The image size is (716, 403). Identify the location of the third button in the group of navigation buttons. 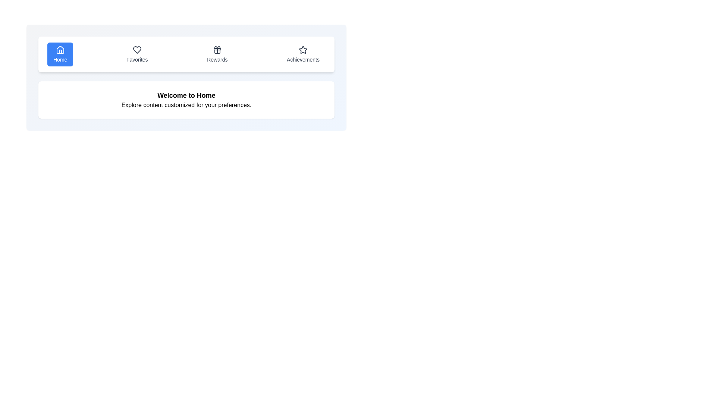
(217, 54).